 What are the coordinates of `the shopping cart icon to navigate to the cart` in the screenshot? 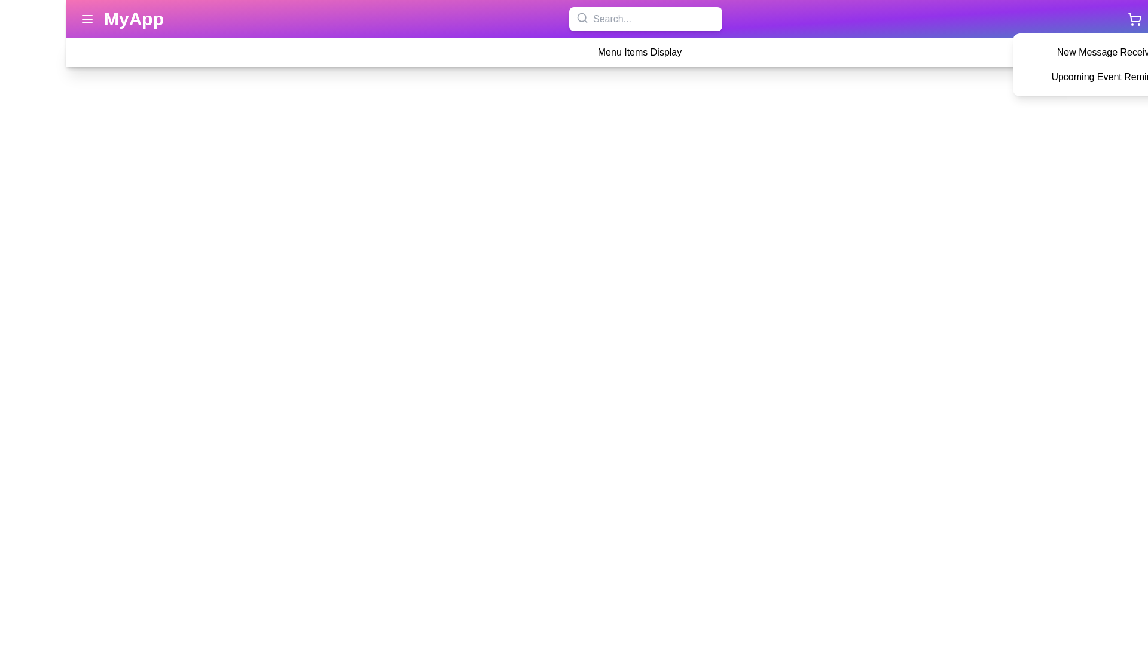 It's located at (1134, 19).